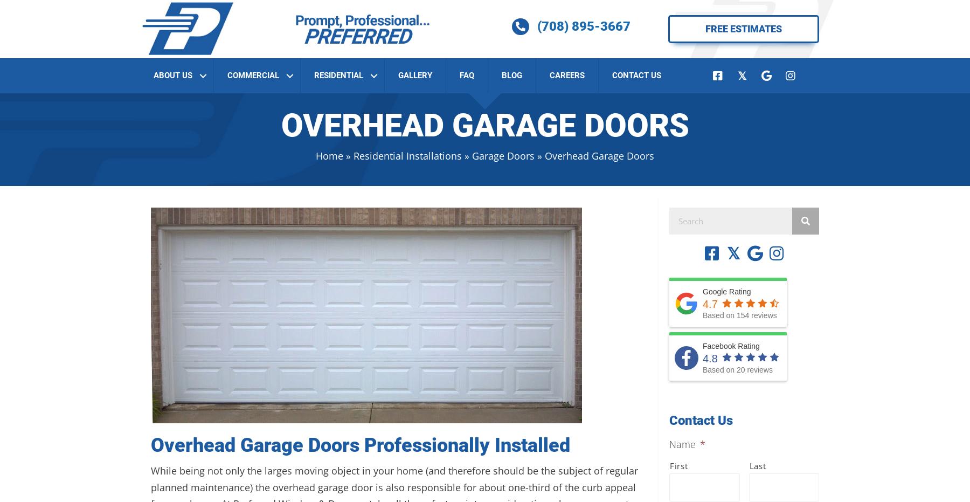 The height and width of the screenshot is (502, 970). Describe the element at coordinates (567, 74) in the screenshot. I see `'Careers'` at that location.